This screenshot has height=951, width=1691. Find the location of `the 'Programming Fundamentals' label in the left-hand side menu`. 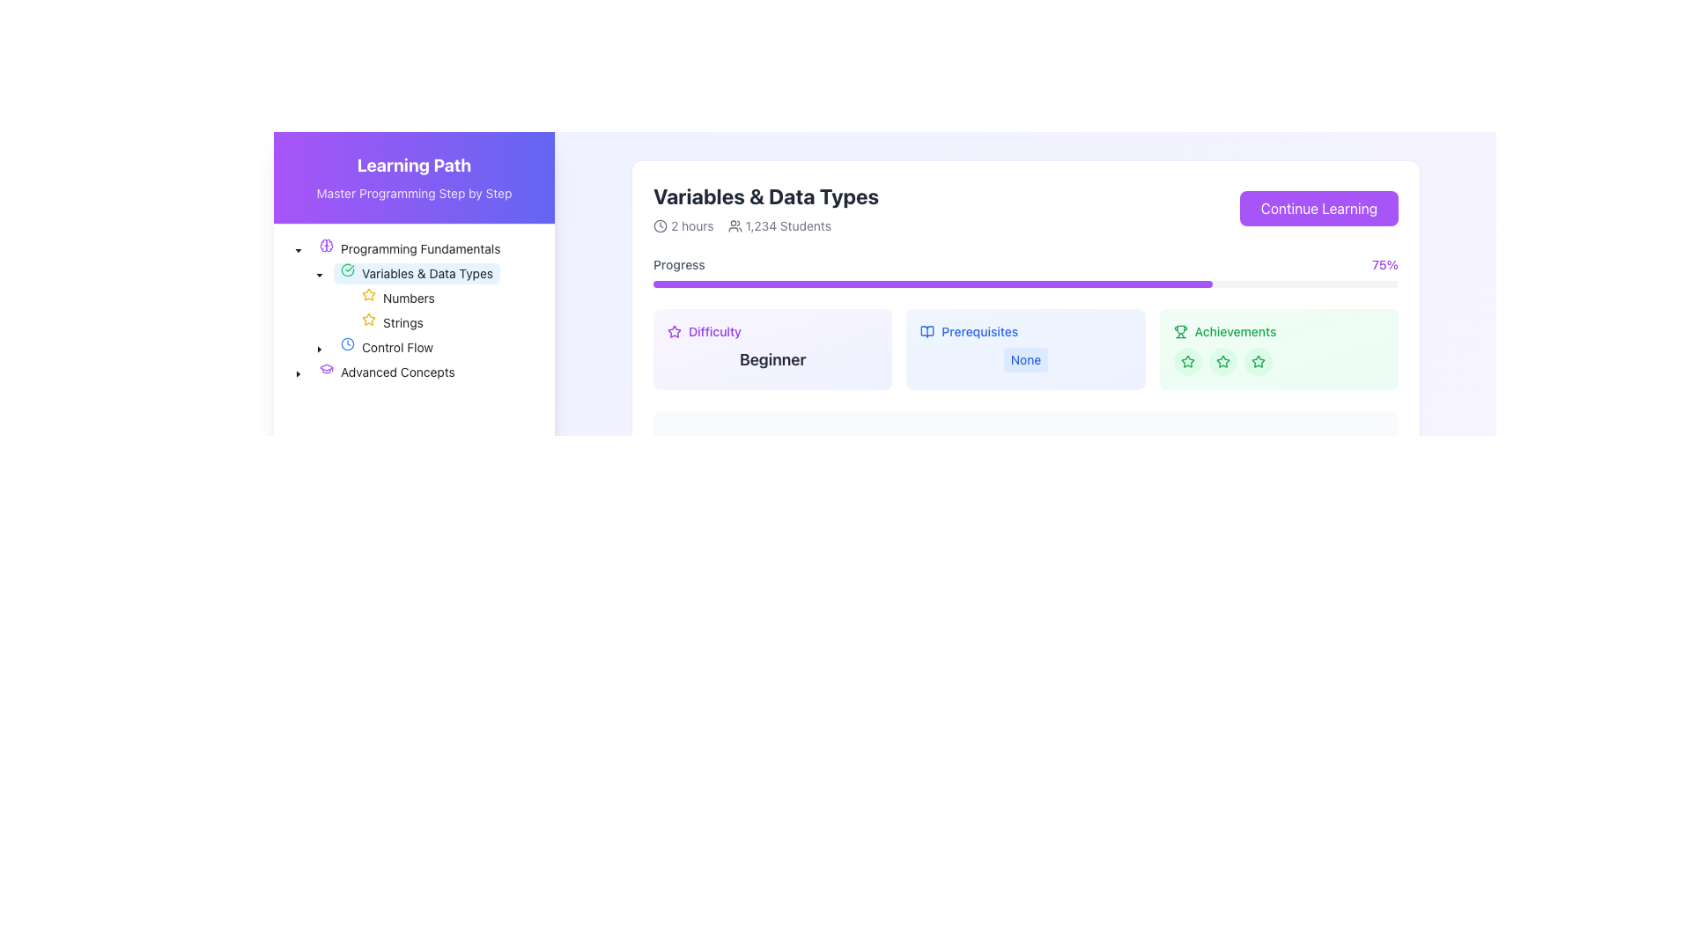

the 'Programming Fundamentals' label in the left-hand side menu is located at coordinates (409, 248).